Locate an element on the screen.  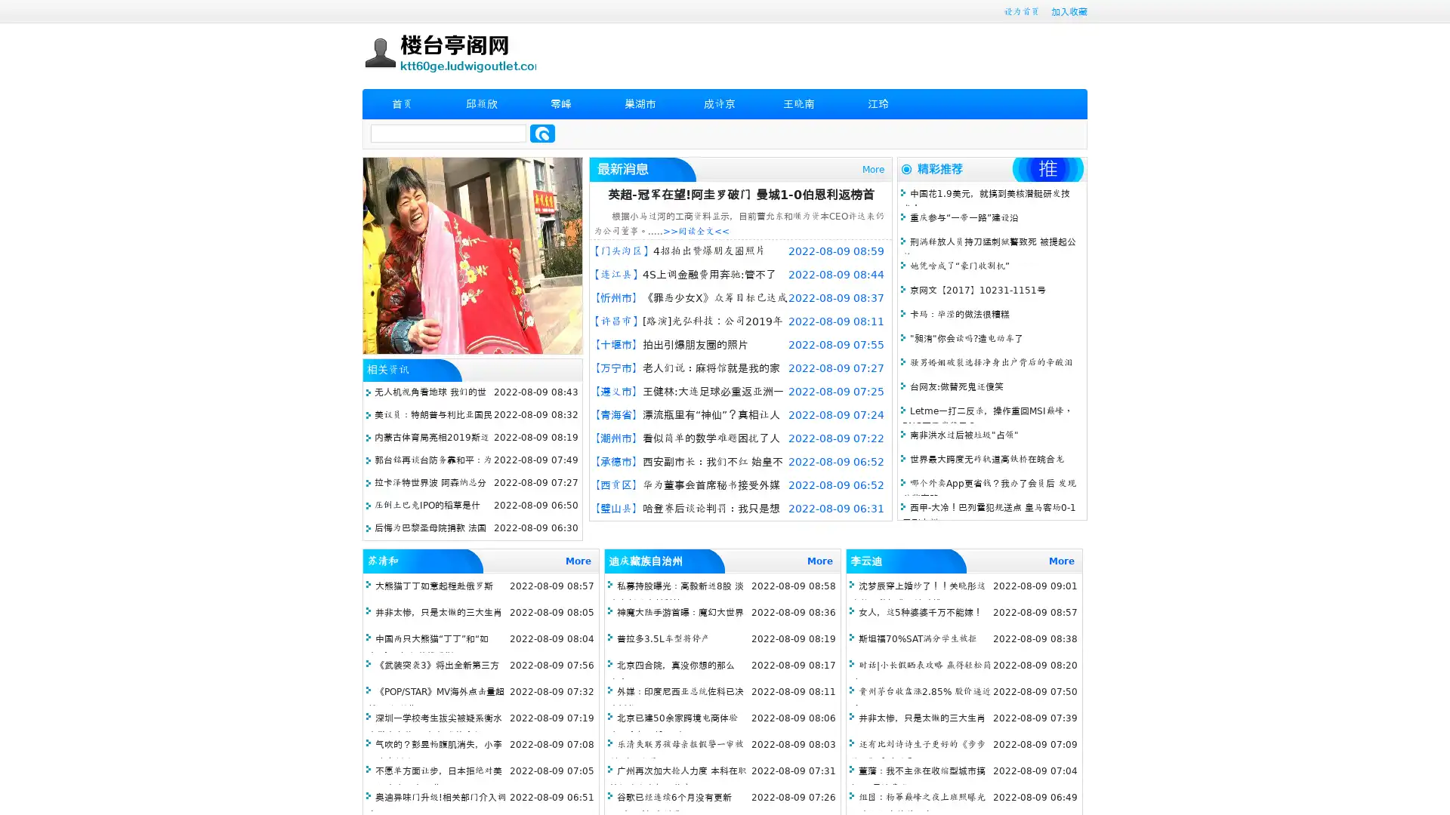
Search is located at coordinates (542, 133).